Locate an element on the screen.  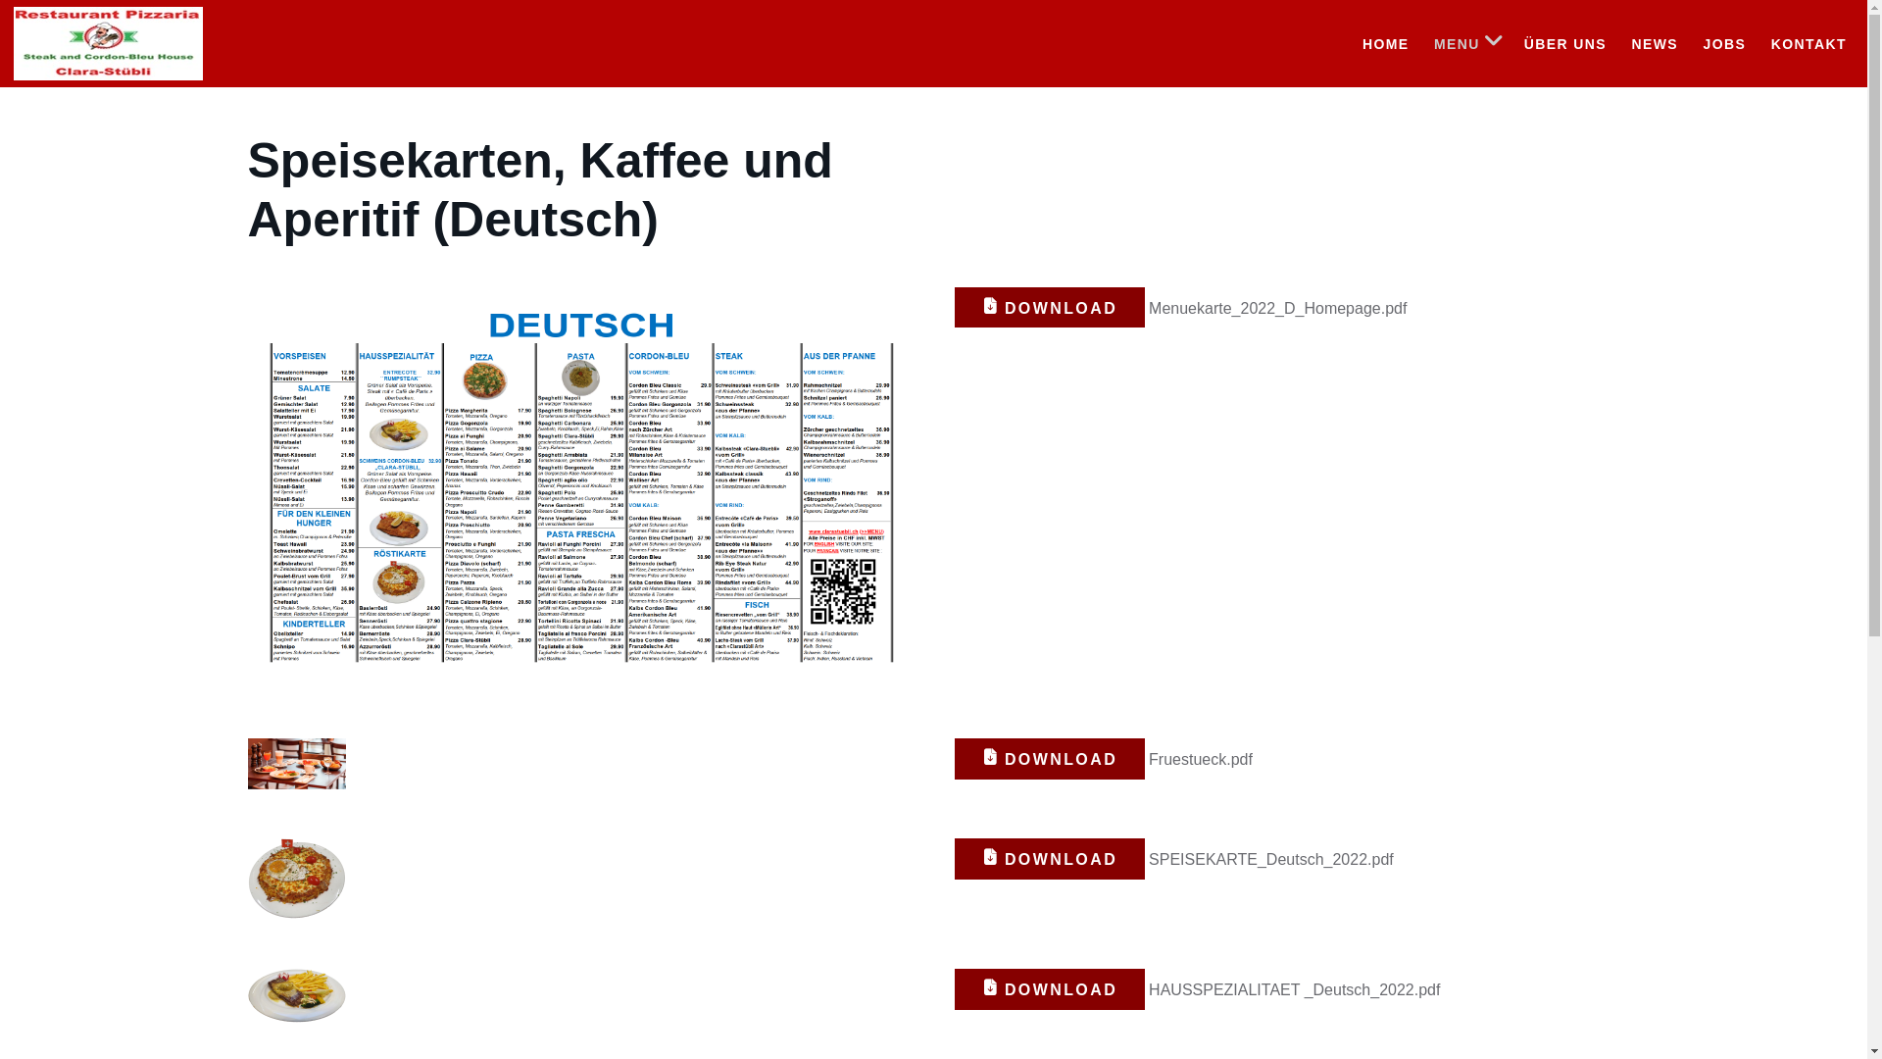
'KONTAKT' is located at coordinates (1805, 42).